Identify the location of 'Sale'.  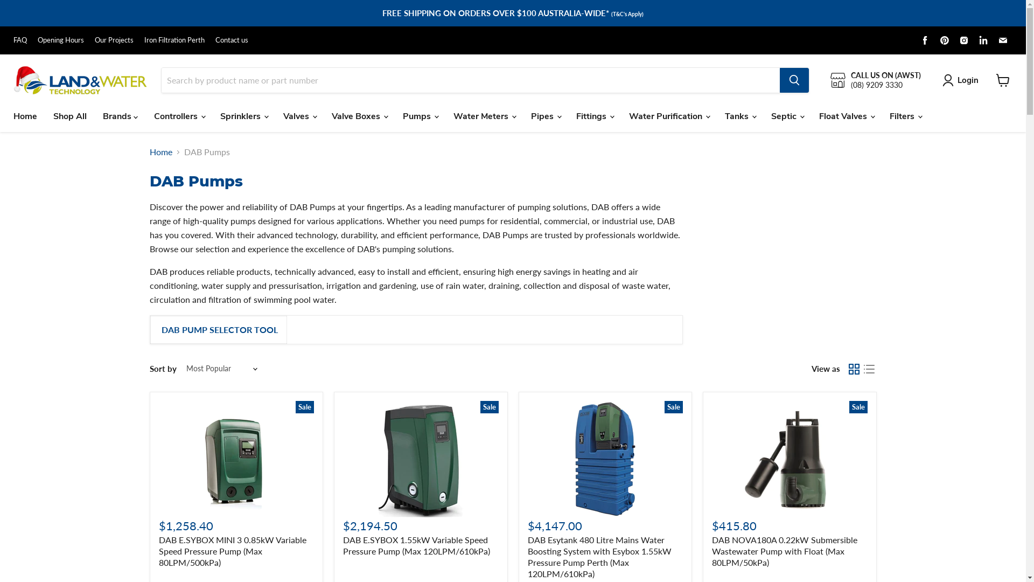
(790, 459).